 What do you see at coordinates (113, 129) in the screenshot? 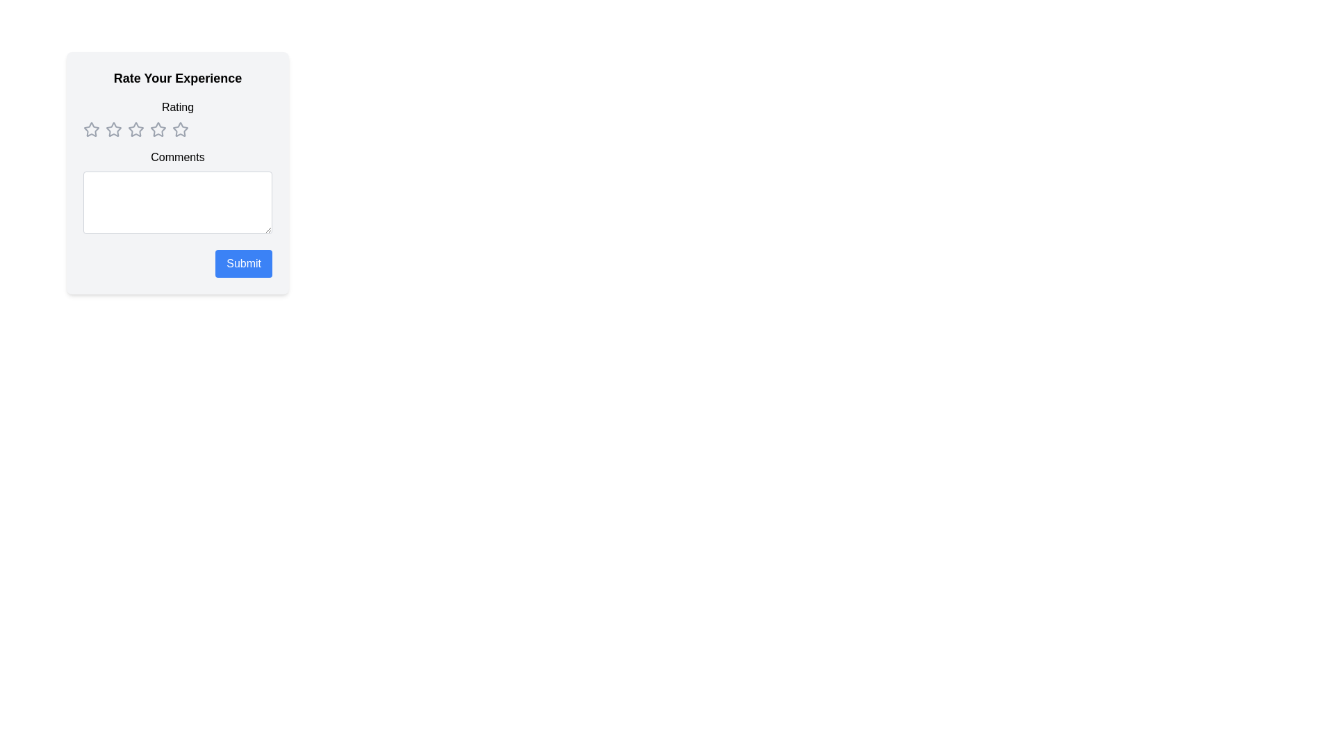
I see `the second star-shaped icon with a gray outline in the 'Rating' section` at bounding box center [113, 129].